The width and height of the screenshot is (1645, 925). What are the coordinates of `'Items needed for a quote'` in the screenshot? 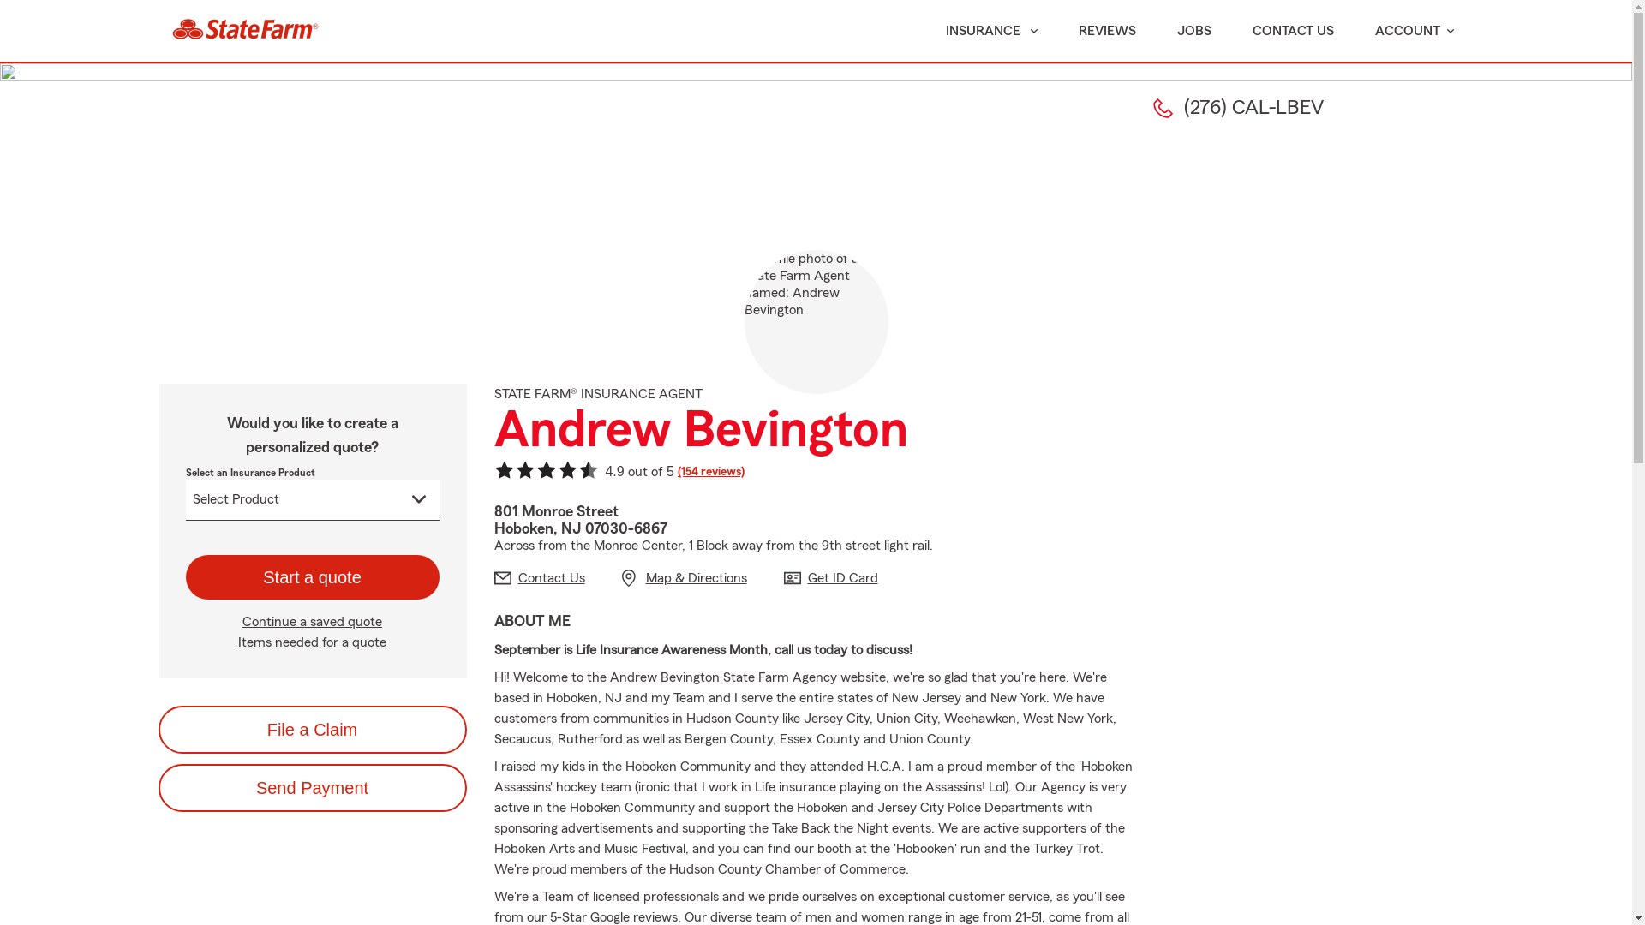 It's located at (312, 642).